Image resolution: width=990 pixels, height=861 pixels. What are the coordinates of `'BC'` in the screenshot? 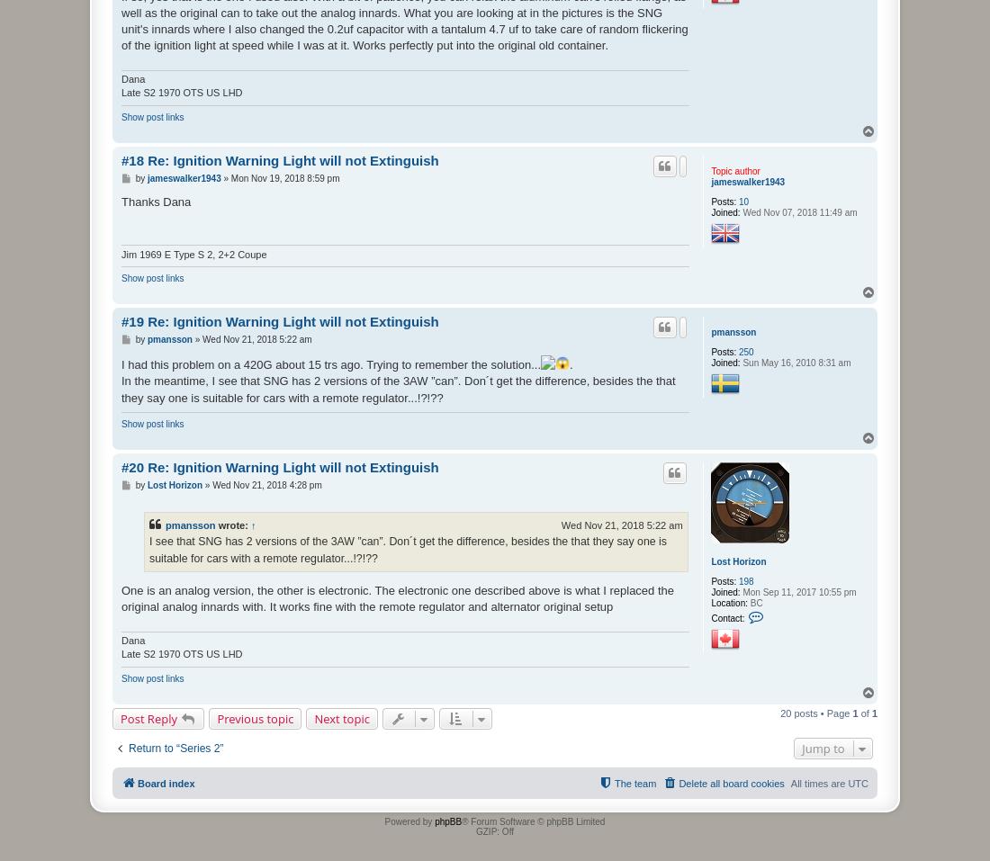 It's located at (753, 601).